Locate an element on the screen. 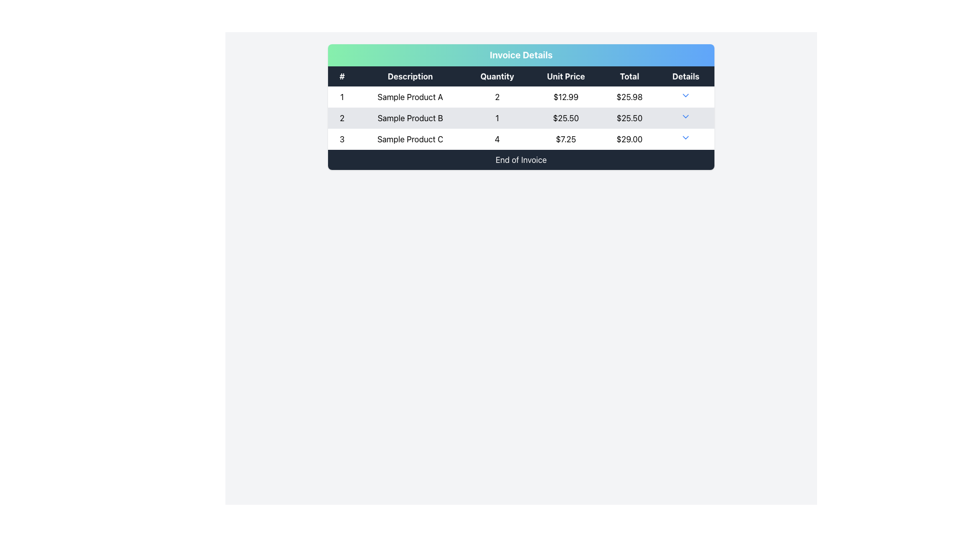 The width and height of the screenshot is (966, 543). static text label displaying the quantity for 'Sample Product C' located in the Quantity column of the third row of the table is located at coordinates (497, 139).